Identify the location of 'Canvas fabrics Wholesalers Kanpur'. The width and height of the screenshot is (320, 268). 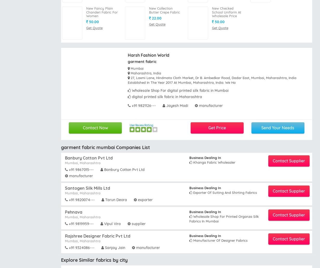
(217, 208).